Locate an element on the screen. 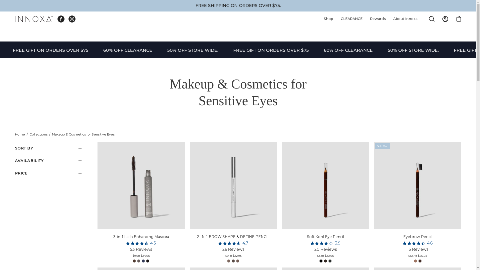  '$8.38 $20.95' is located at coordinates (325, 256).